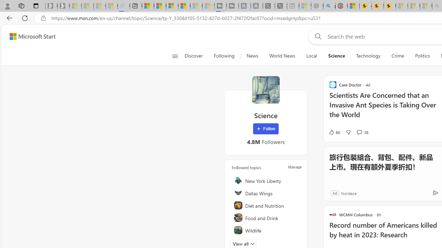 This screenshot has width=442, height=248. Describe the element at coordinates (266, 242) in the screenshot. I see `'Pets'` at that location.